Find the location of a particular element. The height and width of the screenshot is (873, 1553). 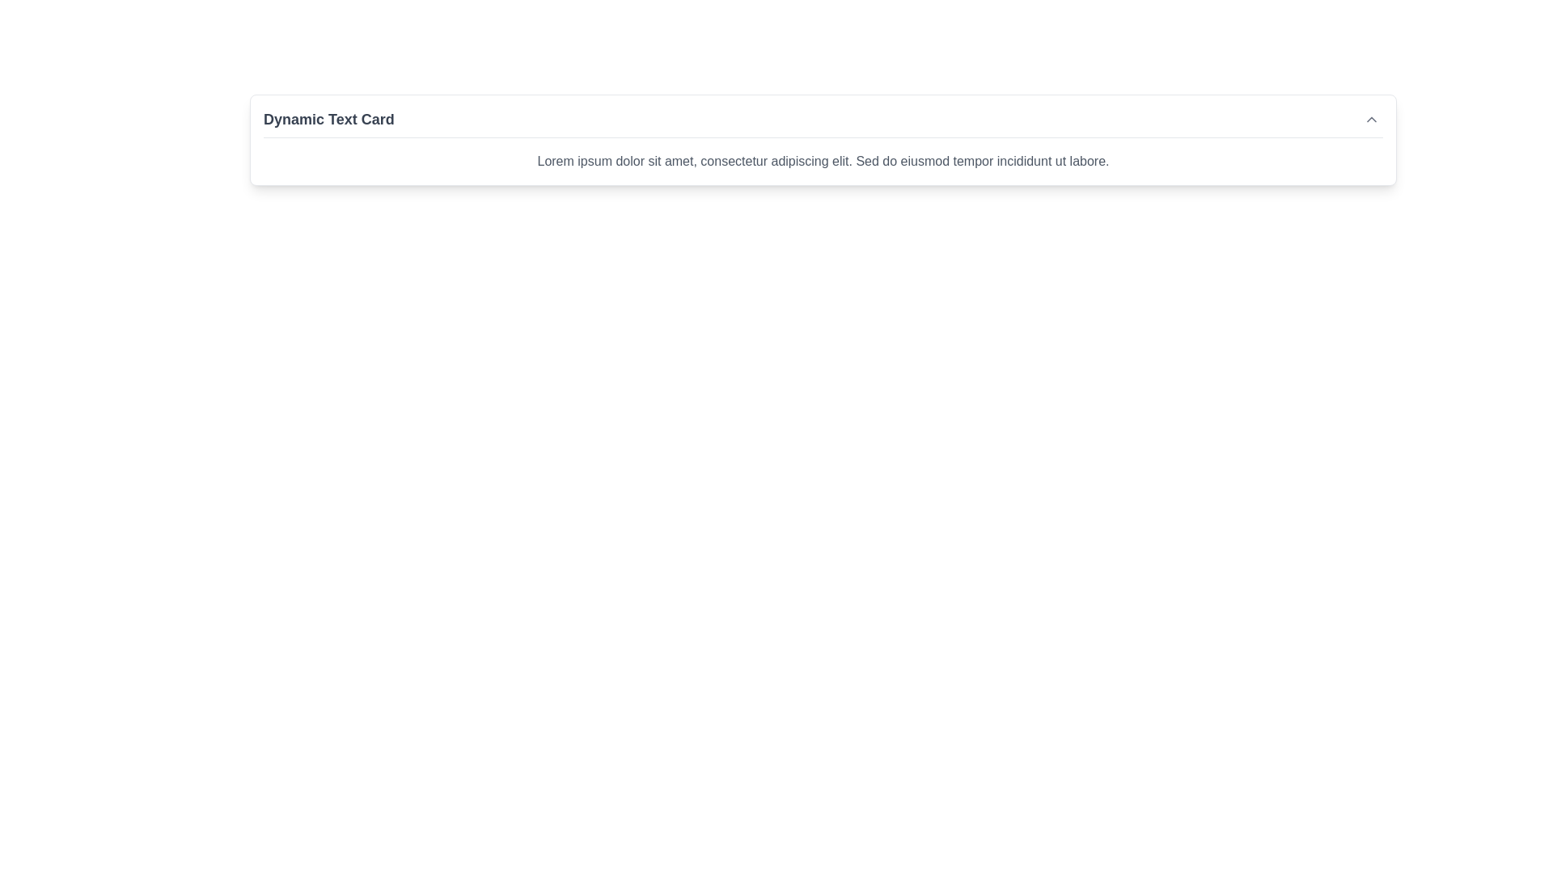

the text label displaying 'Dynamic Text Card', which is styled with a bold, larger font size and a gray color, located on the left side of the horizontal bar at the top of the card-like section is located at coordinates (328, 118).